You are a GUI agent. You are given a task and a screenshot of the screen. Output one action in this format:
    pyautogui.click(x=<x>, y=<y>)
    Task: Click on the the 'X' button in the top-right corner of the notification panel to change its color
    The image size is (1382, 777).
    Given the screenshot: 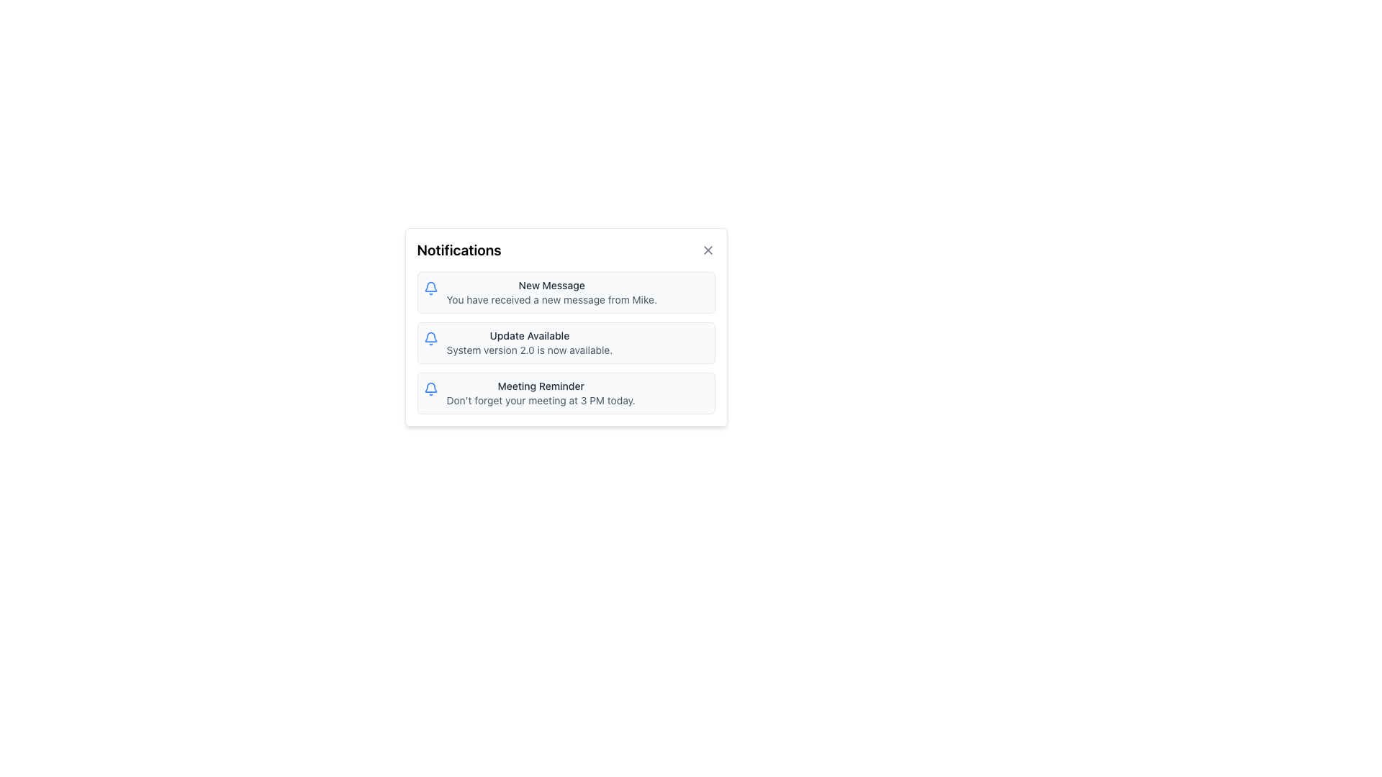 What is the action you would take?
    pyautogui.click(x=708, y=249)
    